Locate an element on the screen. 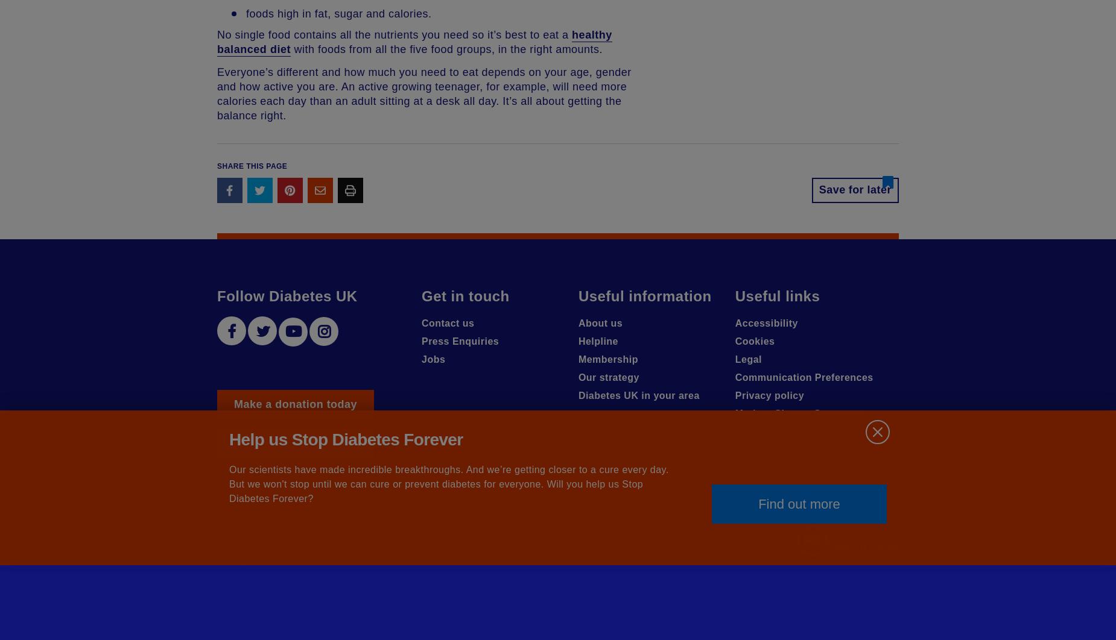  'Jobs' is located at coordinates (433, 359).